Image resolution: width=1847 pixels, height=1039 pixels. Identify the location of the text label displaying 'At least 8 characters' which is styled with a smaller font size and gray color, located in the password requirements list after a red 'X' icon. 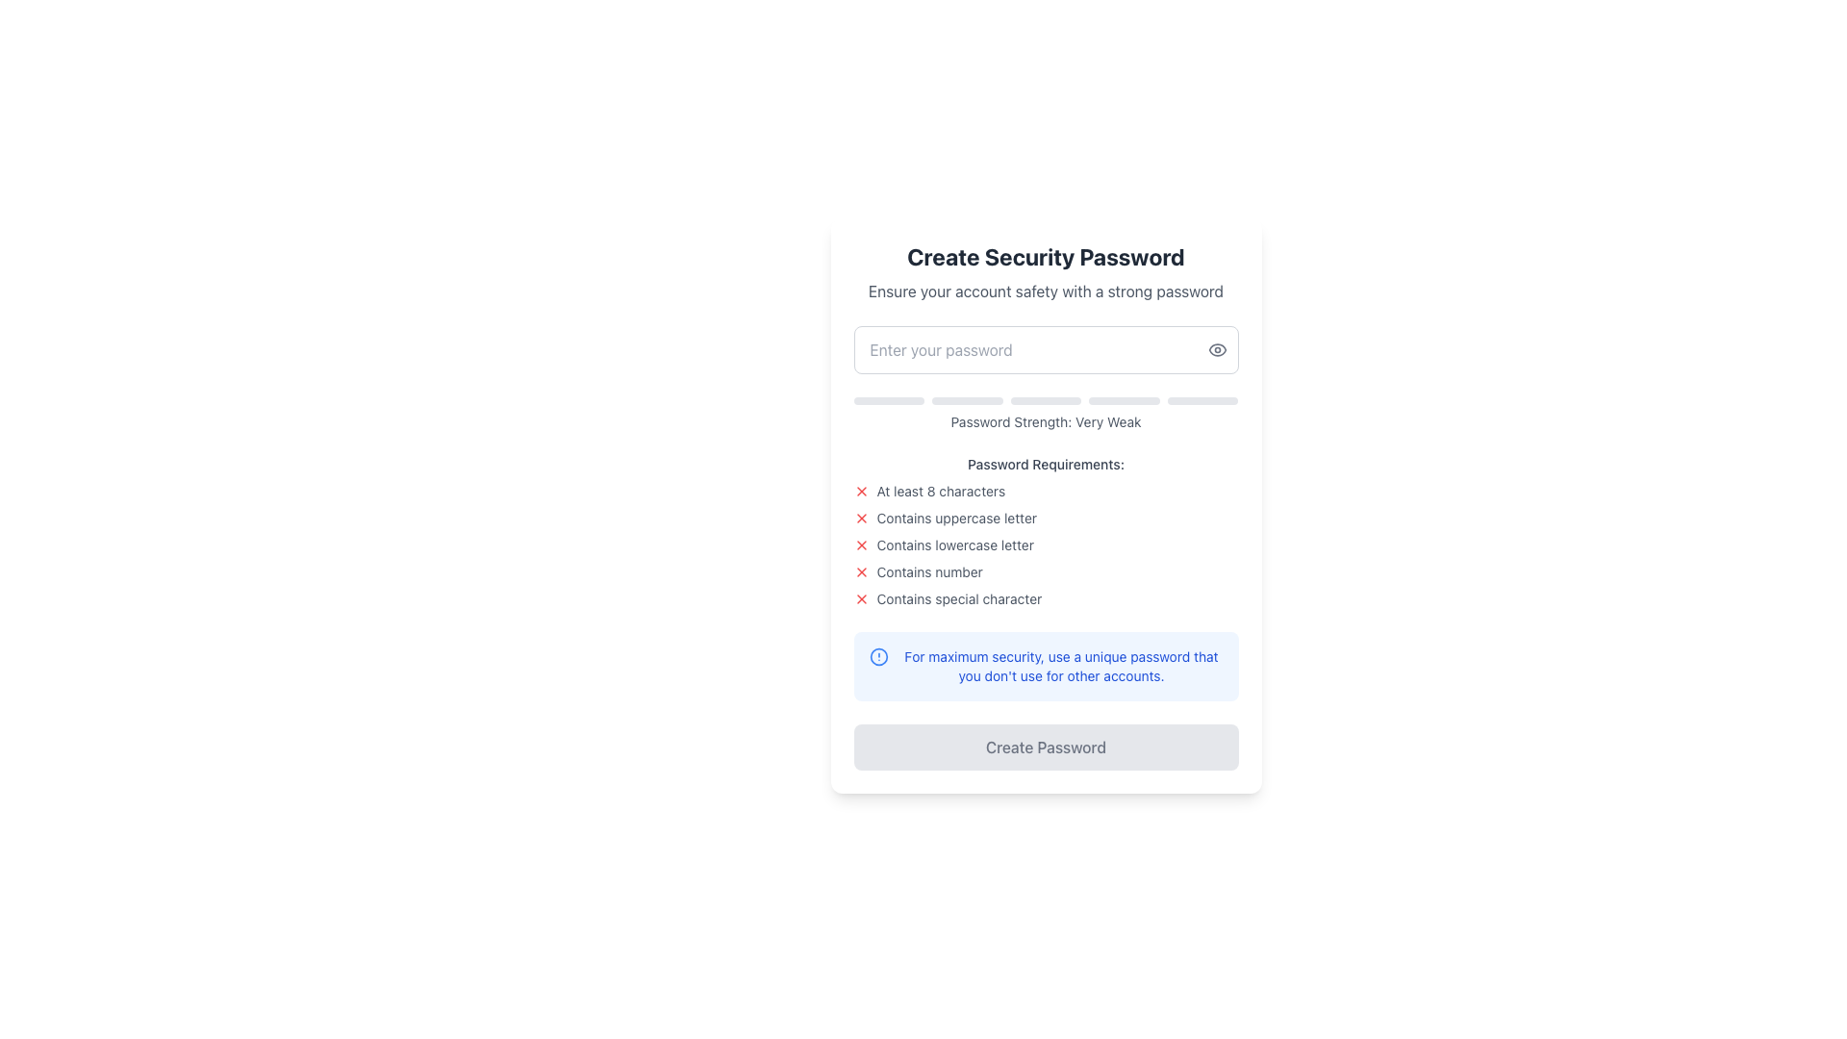
(941, 490).